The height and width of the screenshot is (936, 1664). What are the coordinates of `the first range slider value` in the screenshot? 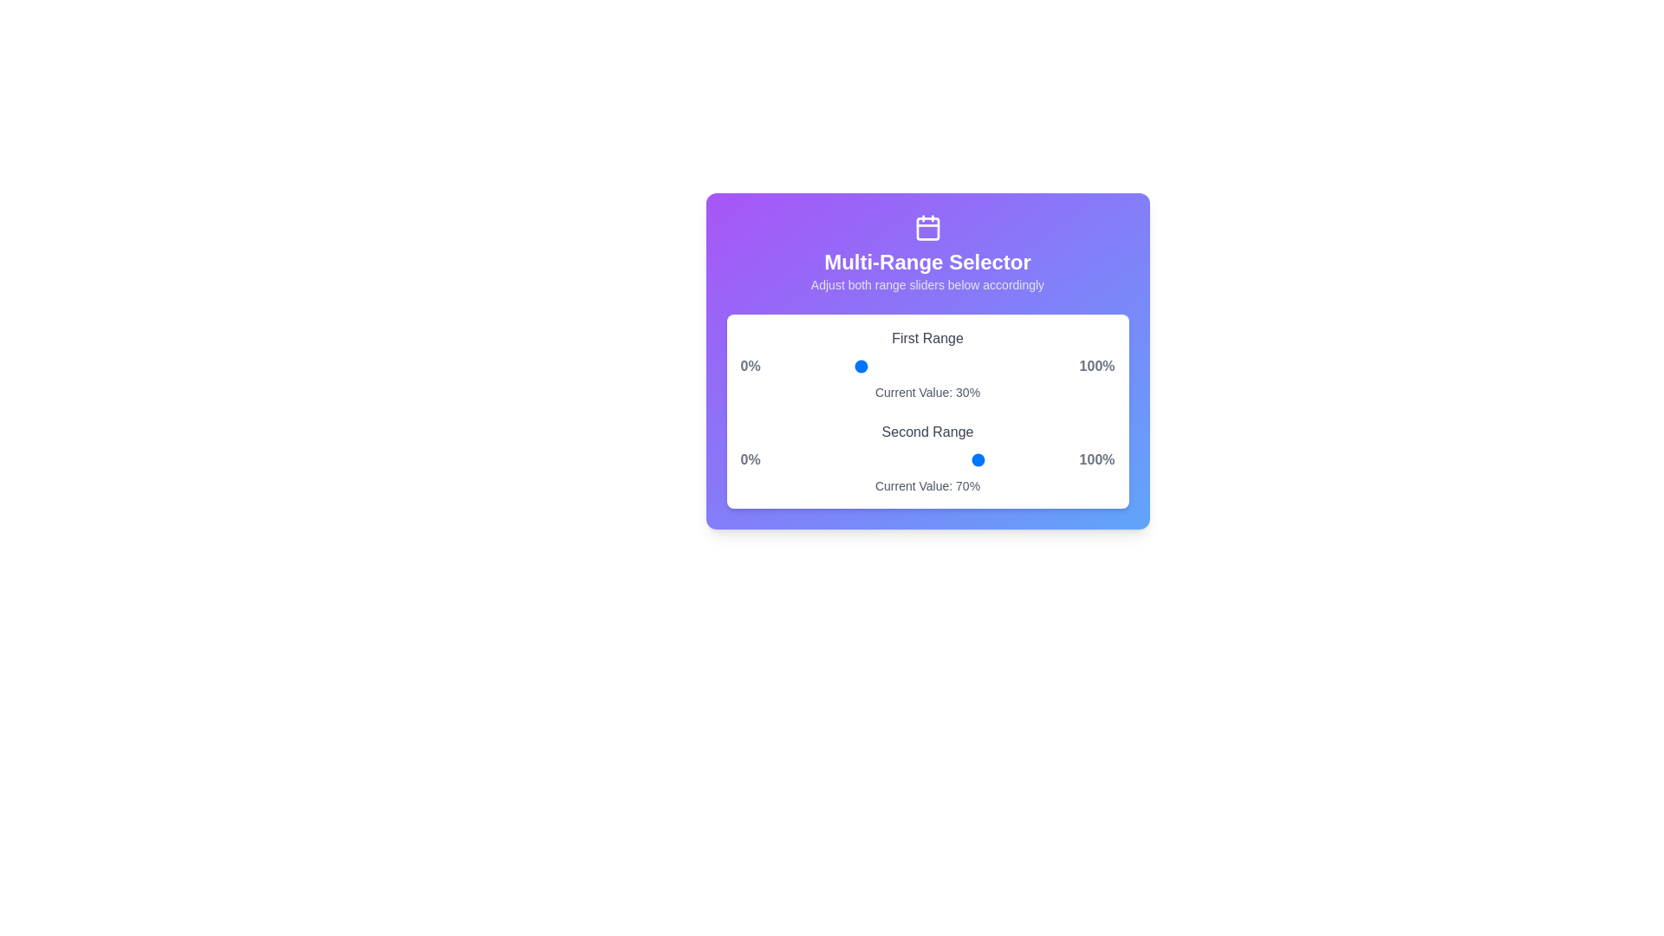 It's located at (981, 366).